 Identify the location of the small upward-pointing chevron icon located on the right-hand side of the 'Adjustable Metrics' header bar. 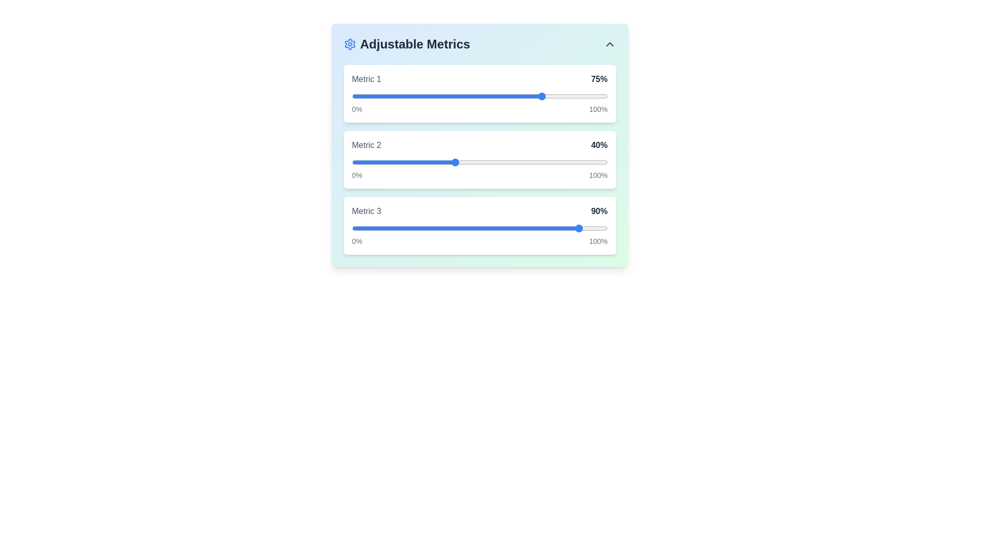
(609, 43).